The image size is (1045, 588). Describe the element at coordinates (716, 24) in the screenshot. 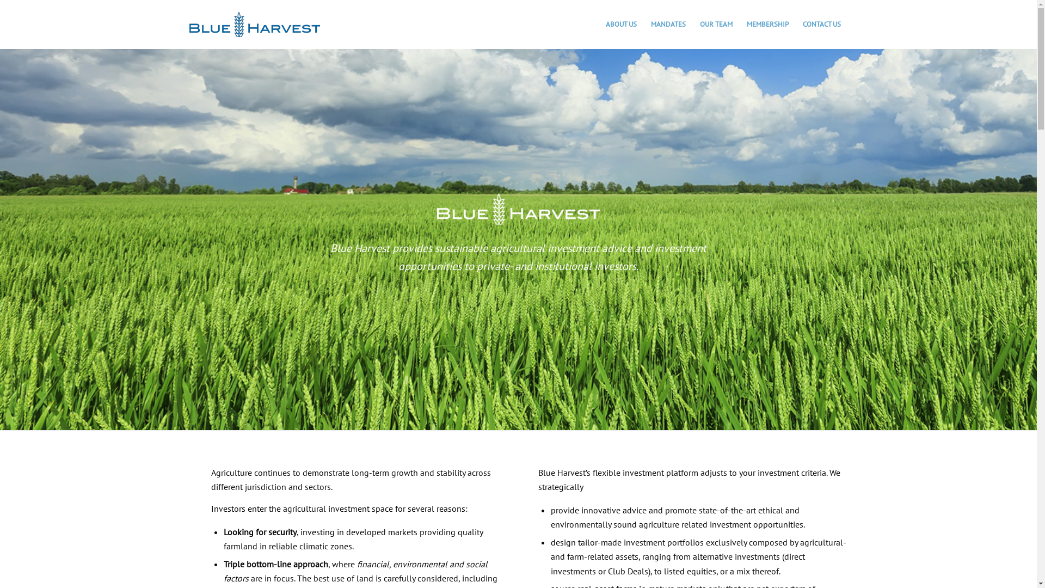

I see `'OUR TEAM'` at that location.